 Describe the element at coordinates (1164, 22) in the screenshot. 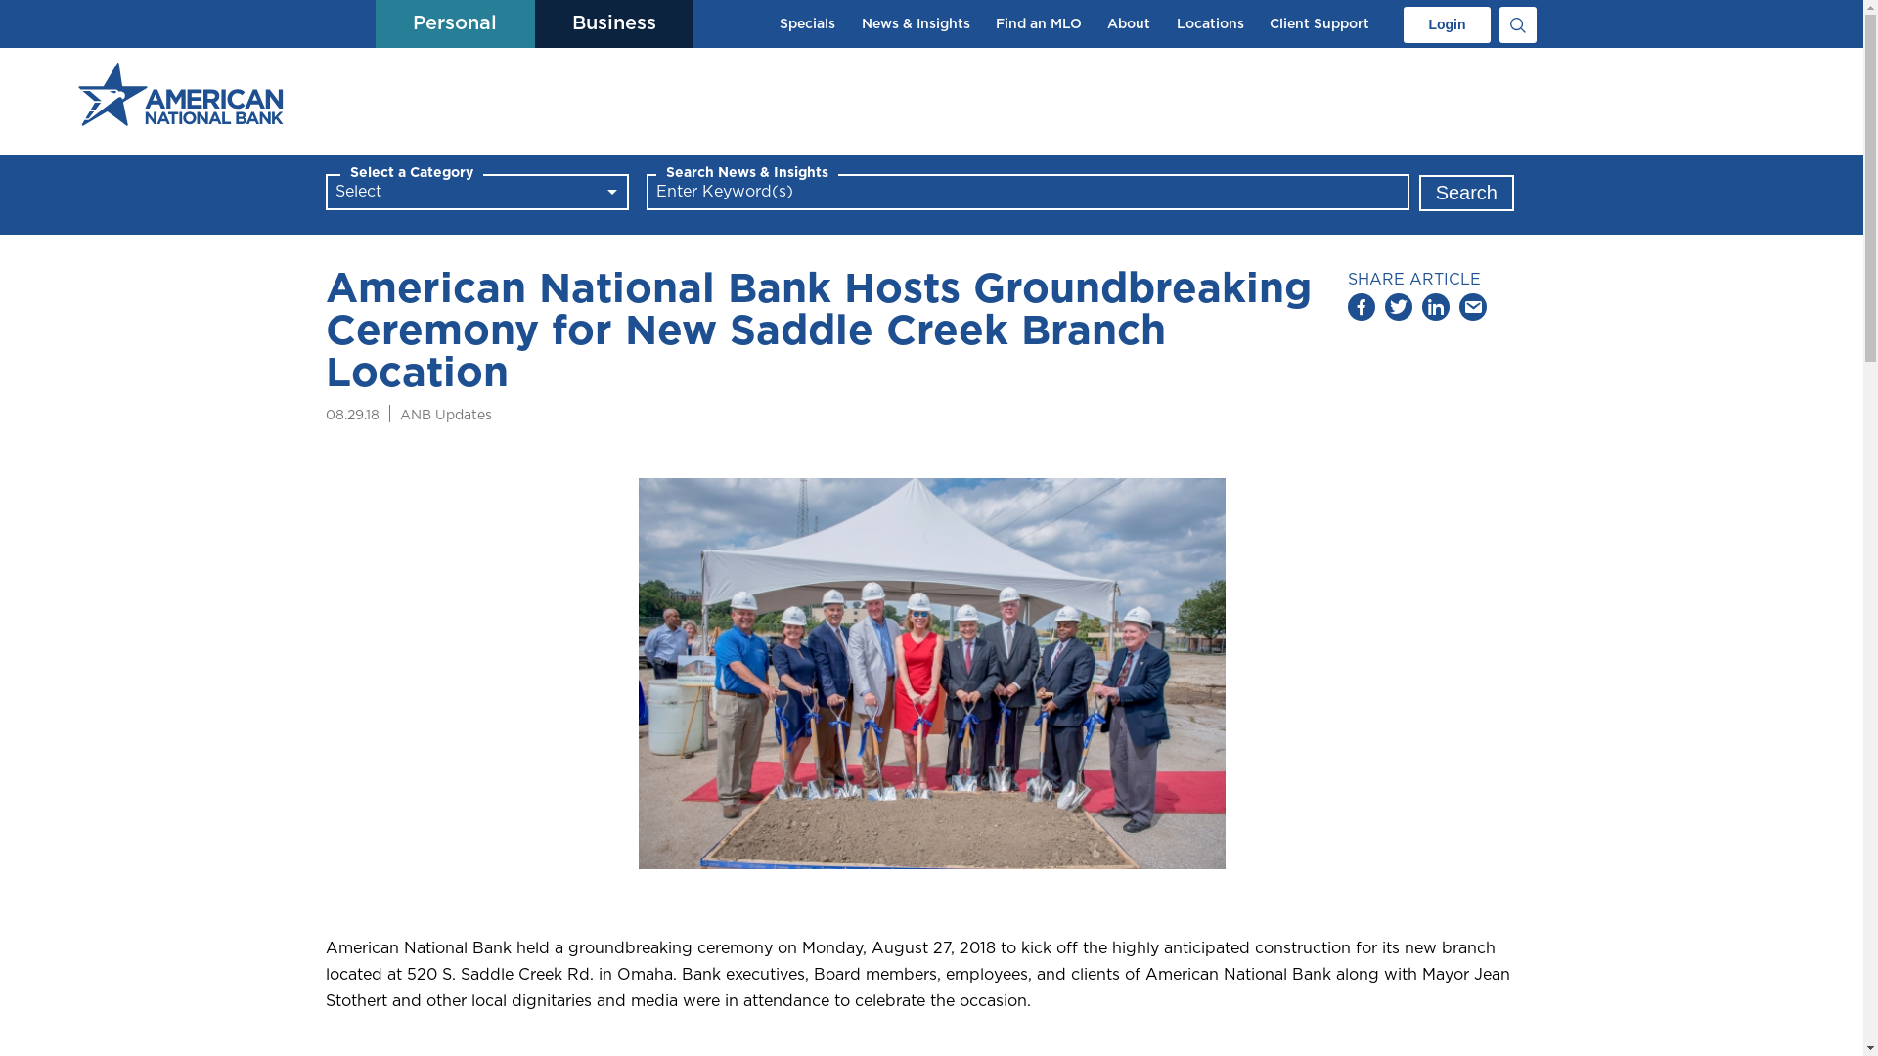

I see `'Locations'` at that location.